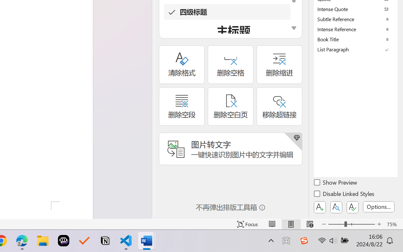  Describe the element at coordinates (351, 224) in the screenshot. I see `'Zoom'` at that location.